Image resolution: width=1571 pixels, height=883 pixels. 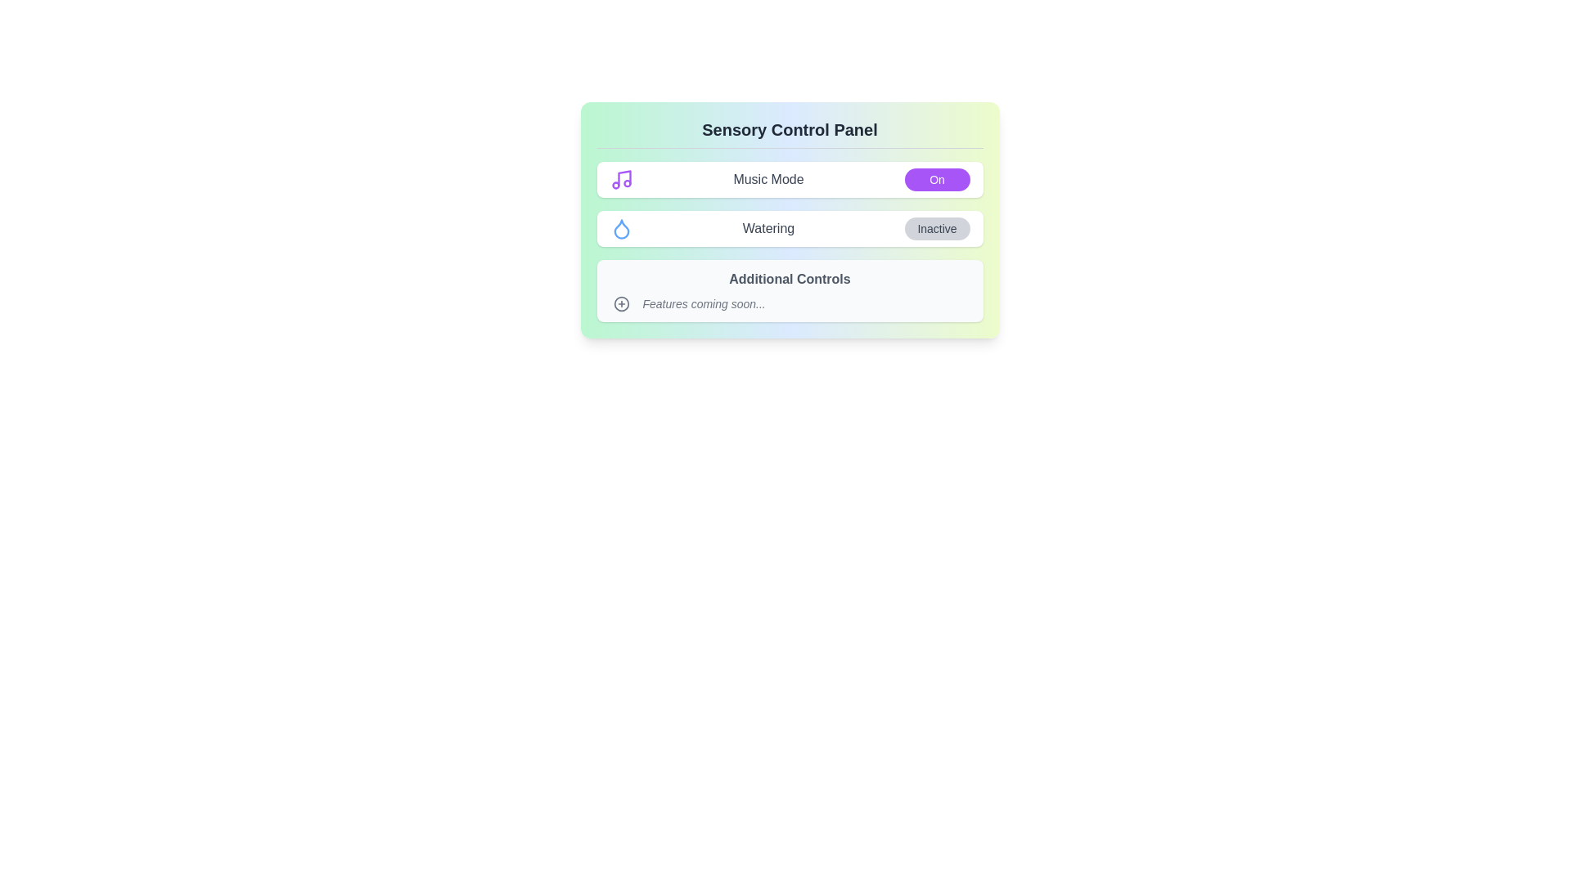 What do you see at coordinates (620, 229) in the screenshot?
I see `the 'Watering' icon located in the Sensory Control Panel, positioned to the left of the 'Watering' text` at bounding box center [620, 229].